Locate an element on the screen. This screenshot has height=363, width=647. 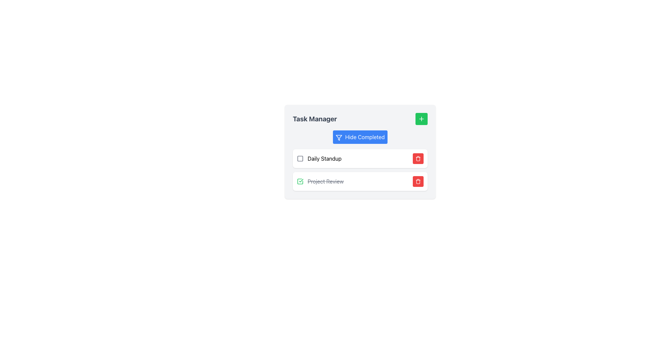
the medium-sized green circular button with a plus symbol located in the top-right corner of the 'Task Manager' section is located at coordinates (421, 119).